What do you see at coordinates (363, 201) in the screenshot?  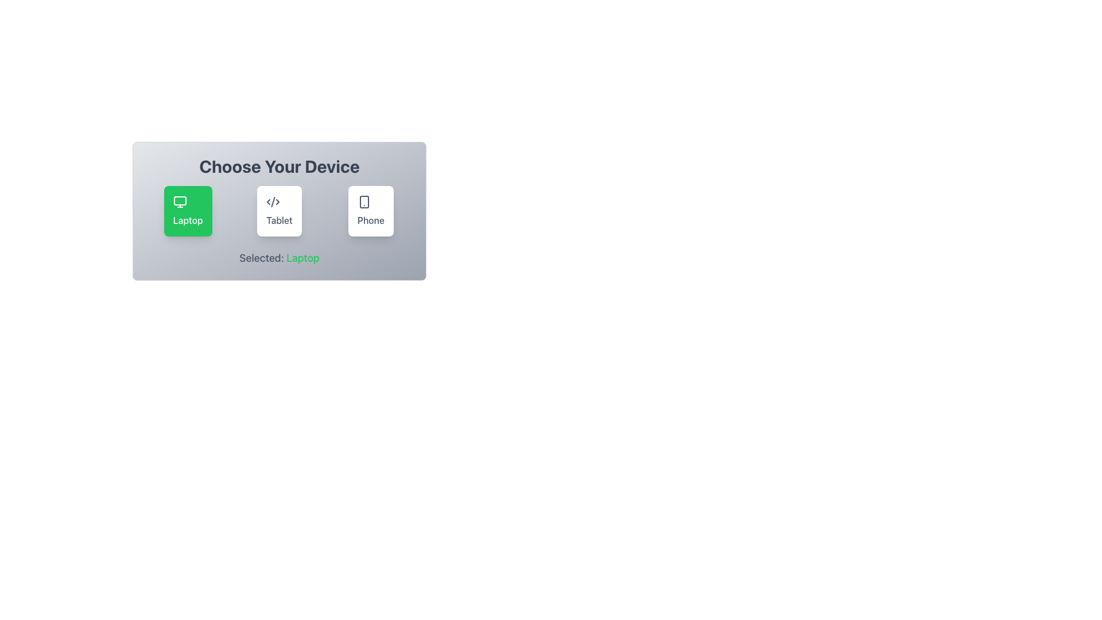 I see `the smartphone icon located at the bottom-right corner of the device icons group` at bounding box center [363, 201].